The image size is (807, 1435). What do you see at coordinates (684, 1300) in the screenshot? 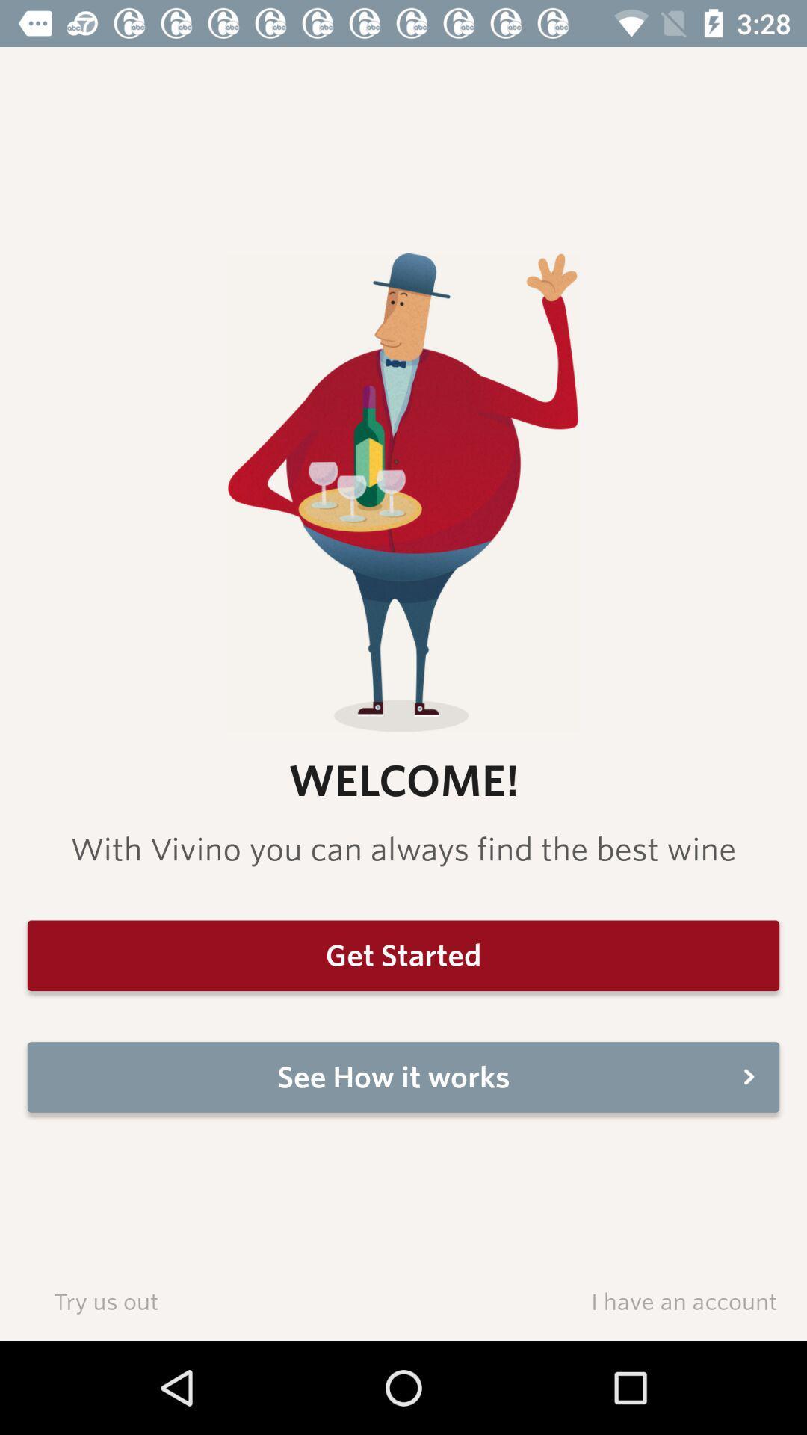
I see `icon below see how it icon` at bounding box center [684, 1300].